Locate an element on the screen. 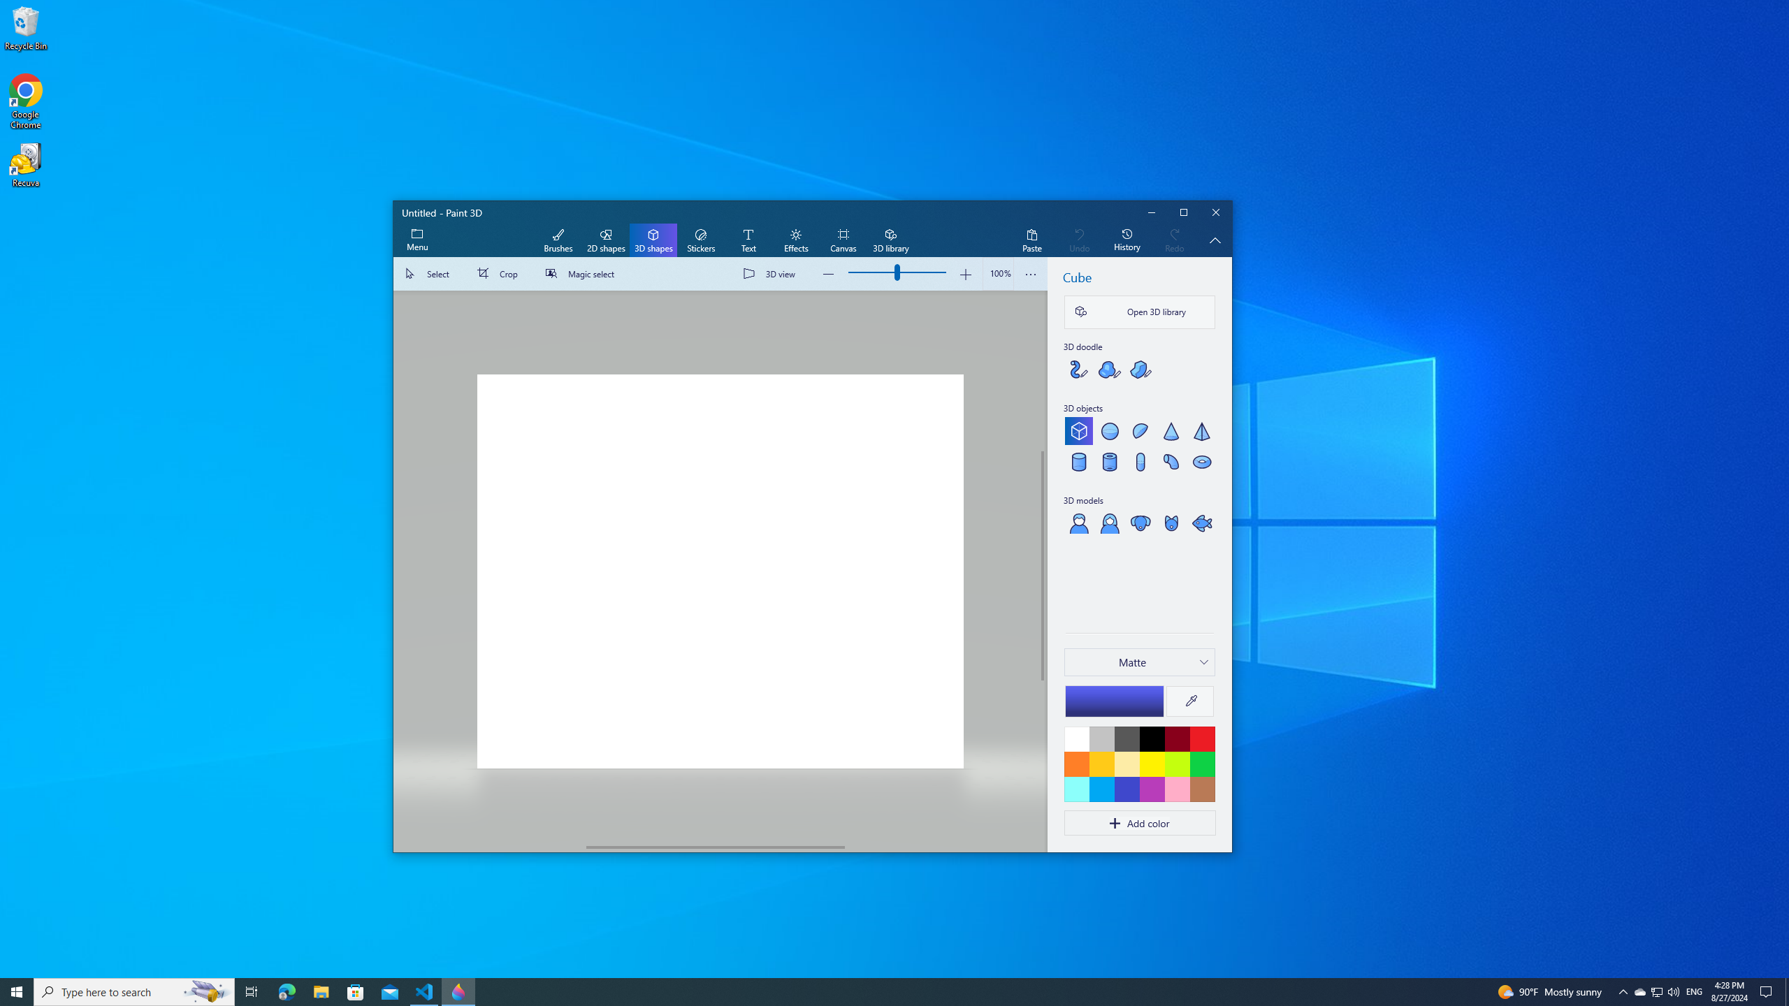 The height and width of the screenshot is (1006, 1789). 'Red' is located at coordinates (1202, 738).